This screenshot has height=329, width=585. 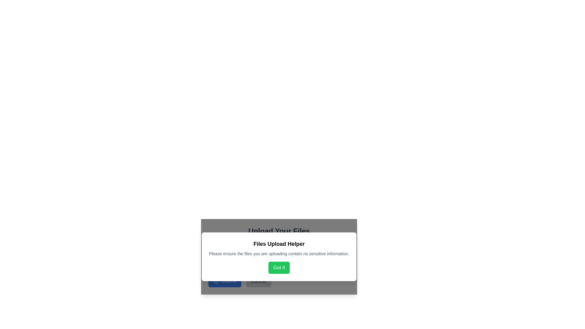 I want to click on the circular outline of the 'plus in a circle' SVG icon located in the bottom-left corner of the modal, so click(x=216, y=281).